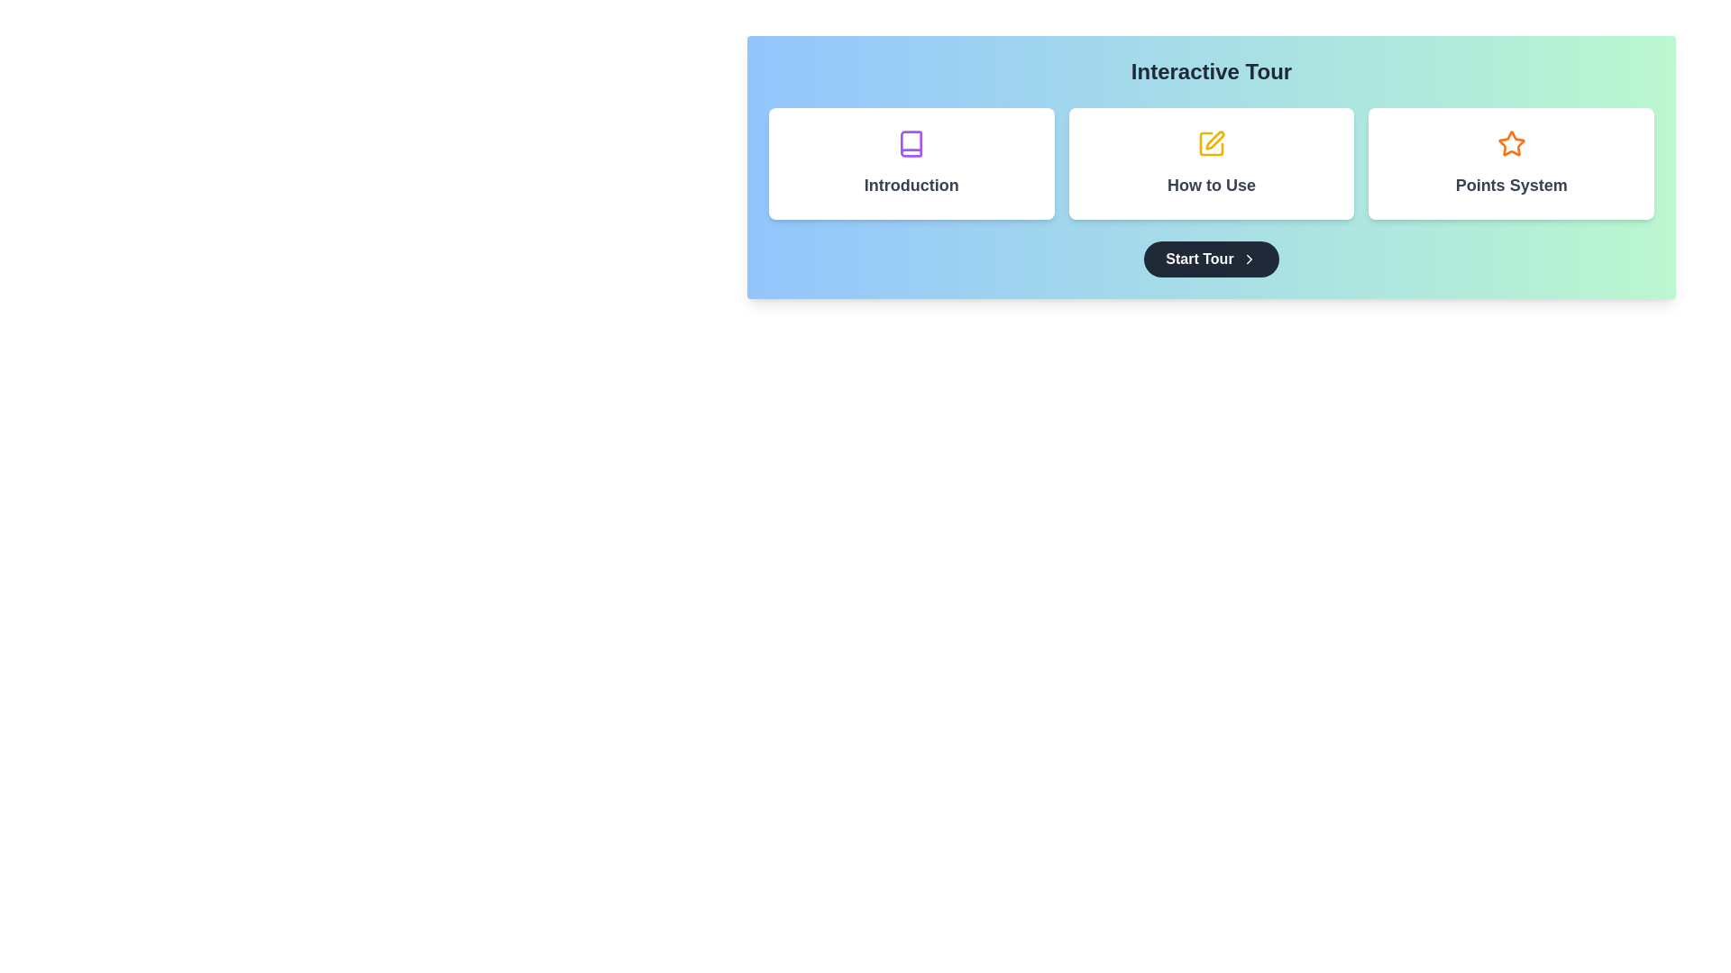 The image size is (1731, 973). What do you see at coordinates (1511, 142) in the screenshot?
I see `the star-shaped icon with an orange outline located in the bottom-right corner of the 'Points System' card within the 'Interactive Tour' section` at bounding box center [1511, 142].